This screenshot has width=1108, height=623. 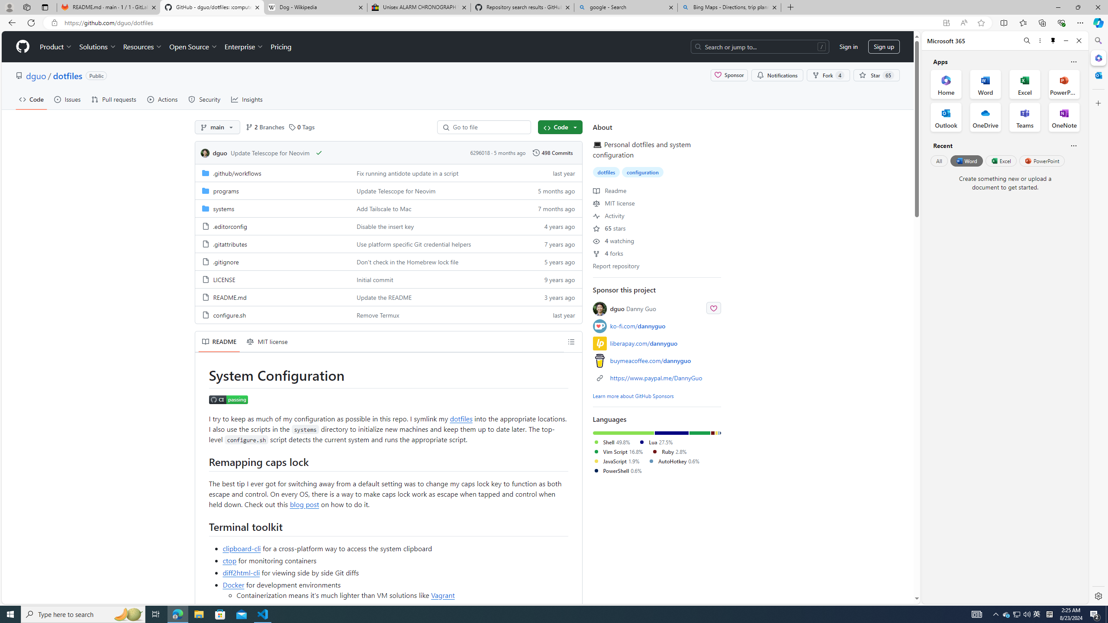 I want to click on 'Update Telescope for Neovim', so click(x=396, y=190).